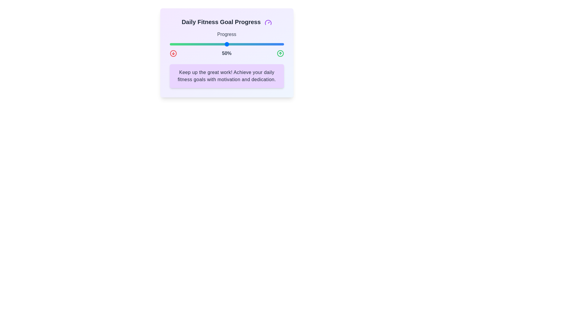 The image size is (571, 321). I want to click on the slider to set the progress to 69%, so click(248, 44).